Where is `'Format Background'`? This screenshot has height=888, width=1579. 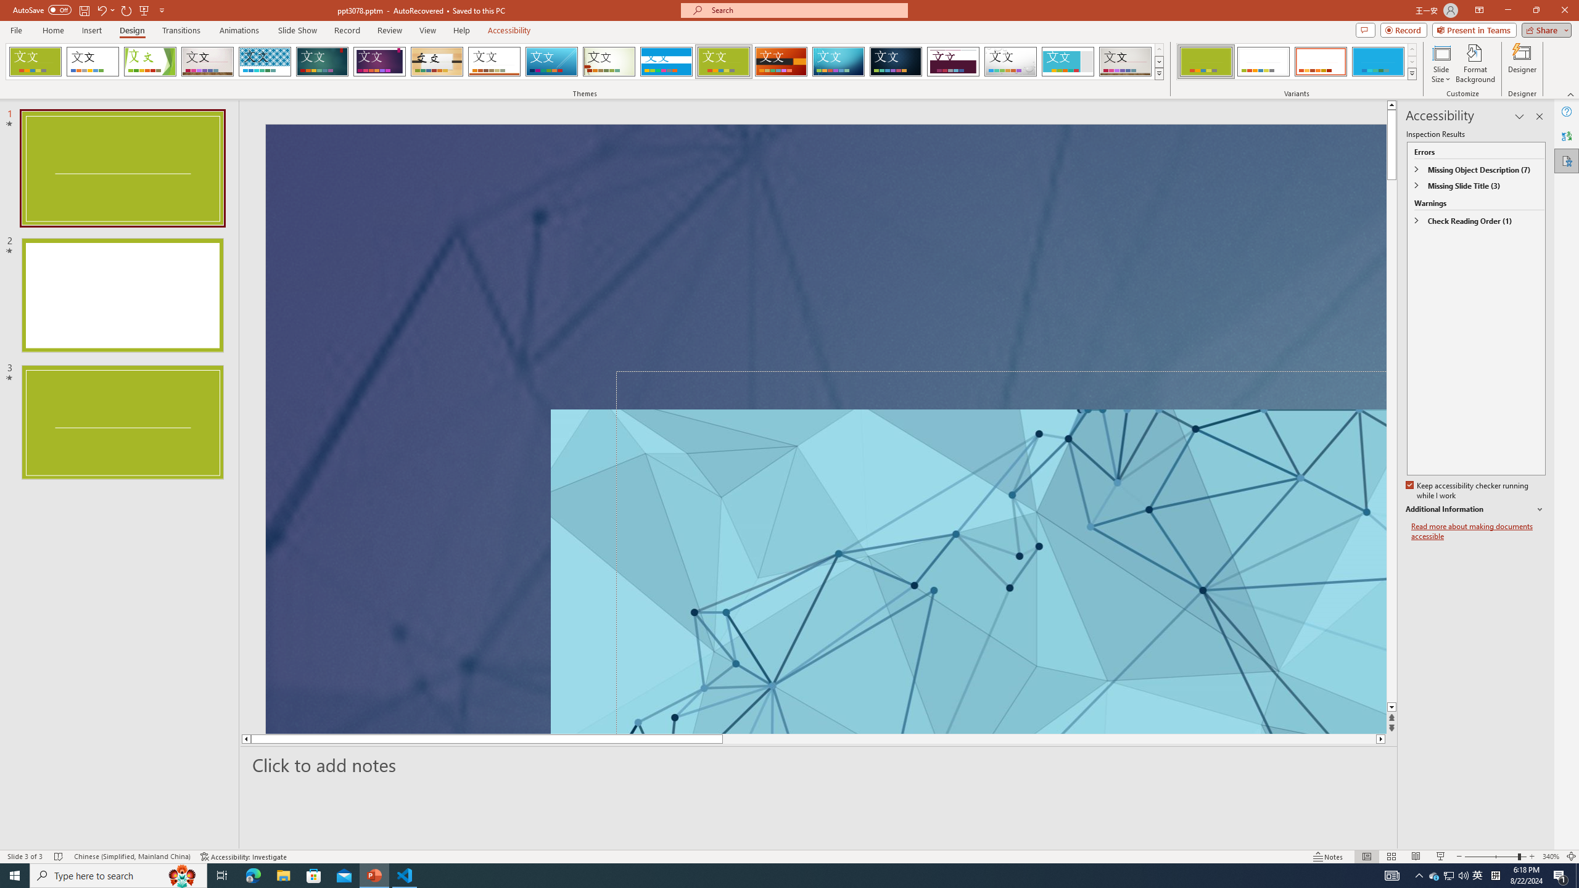 'Format Background' is located at coordinates (1475, 64).